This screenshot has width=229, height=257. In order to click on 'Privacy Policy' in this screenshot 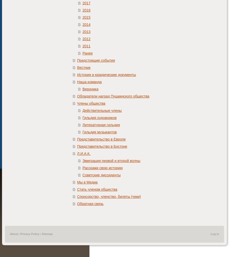, I will do `click(30, 234)`.